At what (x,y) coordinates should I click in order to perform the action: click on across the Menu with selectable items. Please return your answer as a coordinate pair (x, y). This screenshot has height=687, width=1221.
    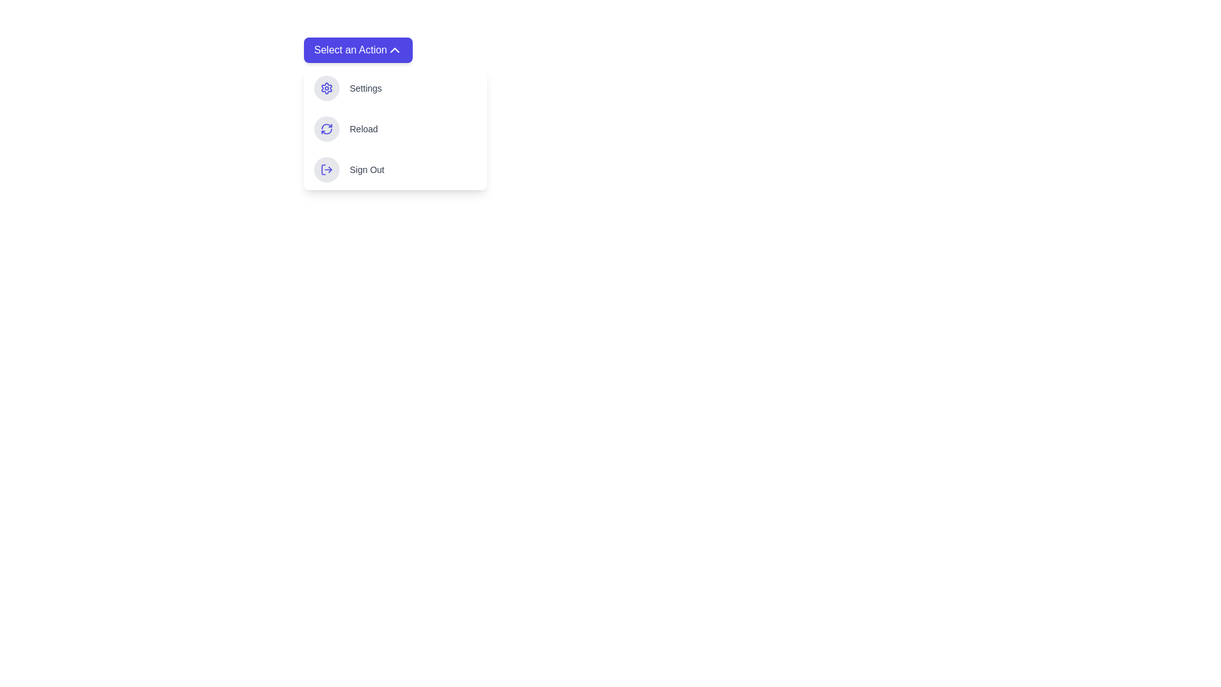
    Looking at the image, I should click on (395, 113).